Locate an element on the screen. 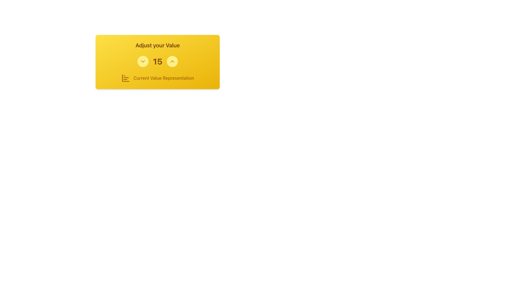 The height and width of the screenshot is (299, 532). the circular yellow button with a chevron-up arrow icon, located to the right of the '15' numerical value indicator is located at coordinates (172, 61).